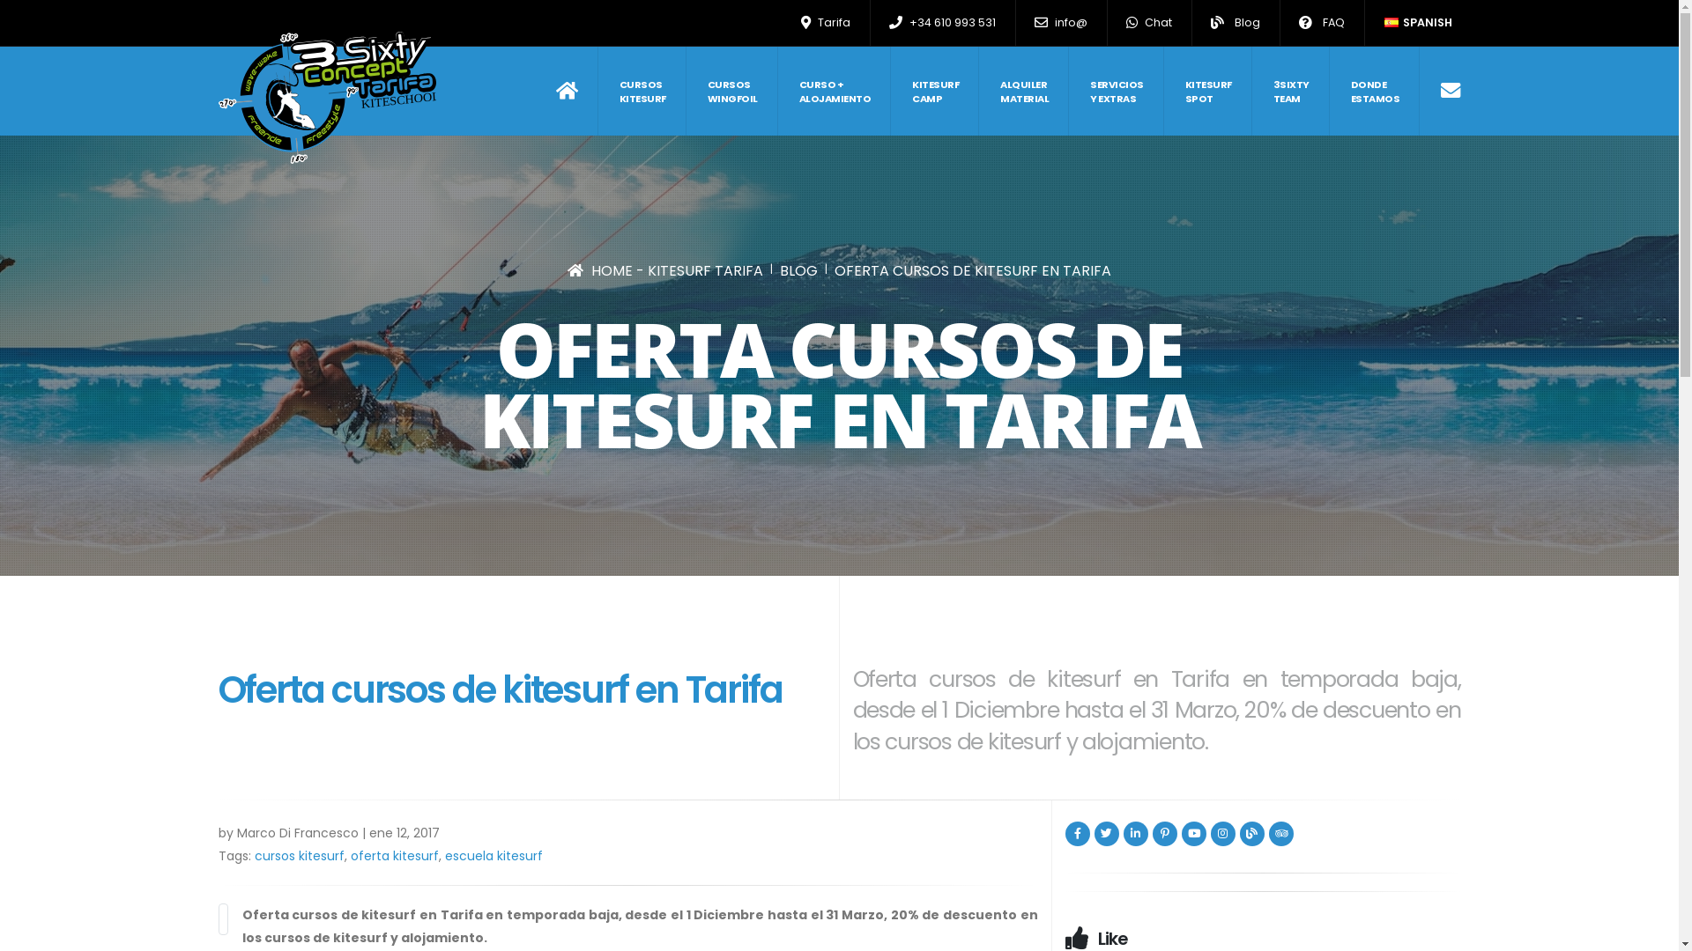 This screenshot has width=1692, height=951. Describe the element at coordinates (1121, 833) in the screenshot. I see `'Linkedin'` at that location.